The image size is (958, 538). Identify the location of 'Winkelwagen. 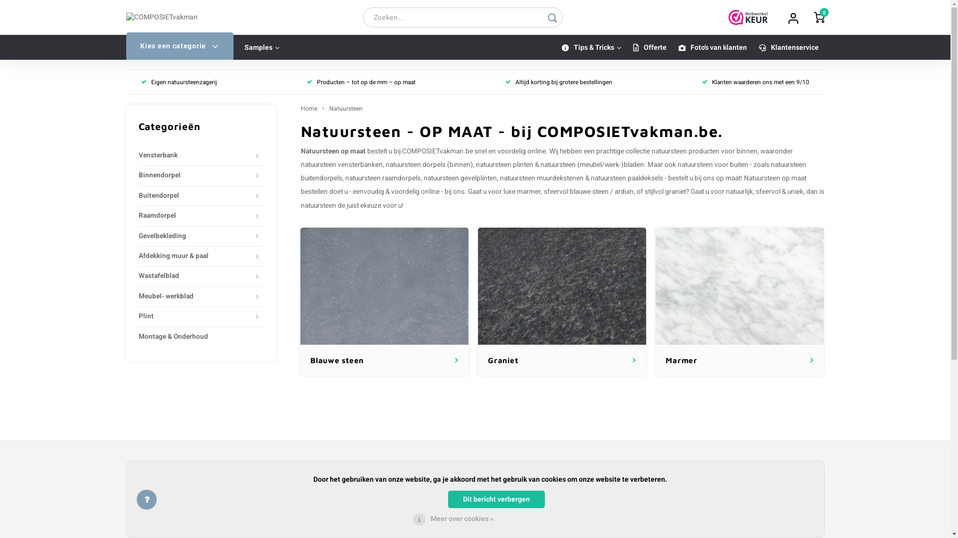
(819, 17).